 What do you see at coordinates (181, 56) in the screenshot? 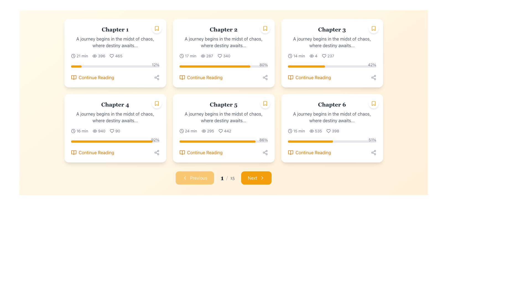
I see `the icon located in the top-left segment of the 'Chapter 2' card, which symbolically represents the duration of '17 min.'` at bounding box center [181, 56].